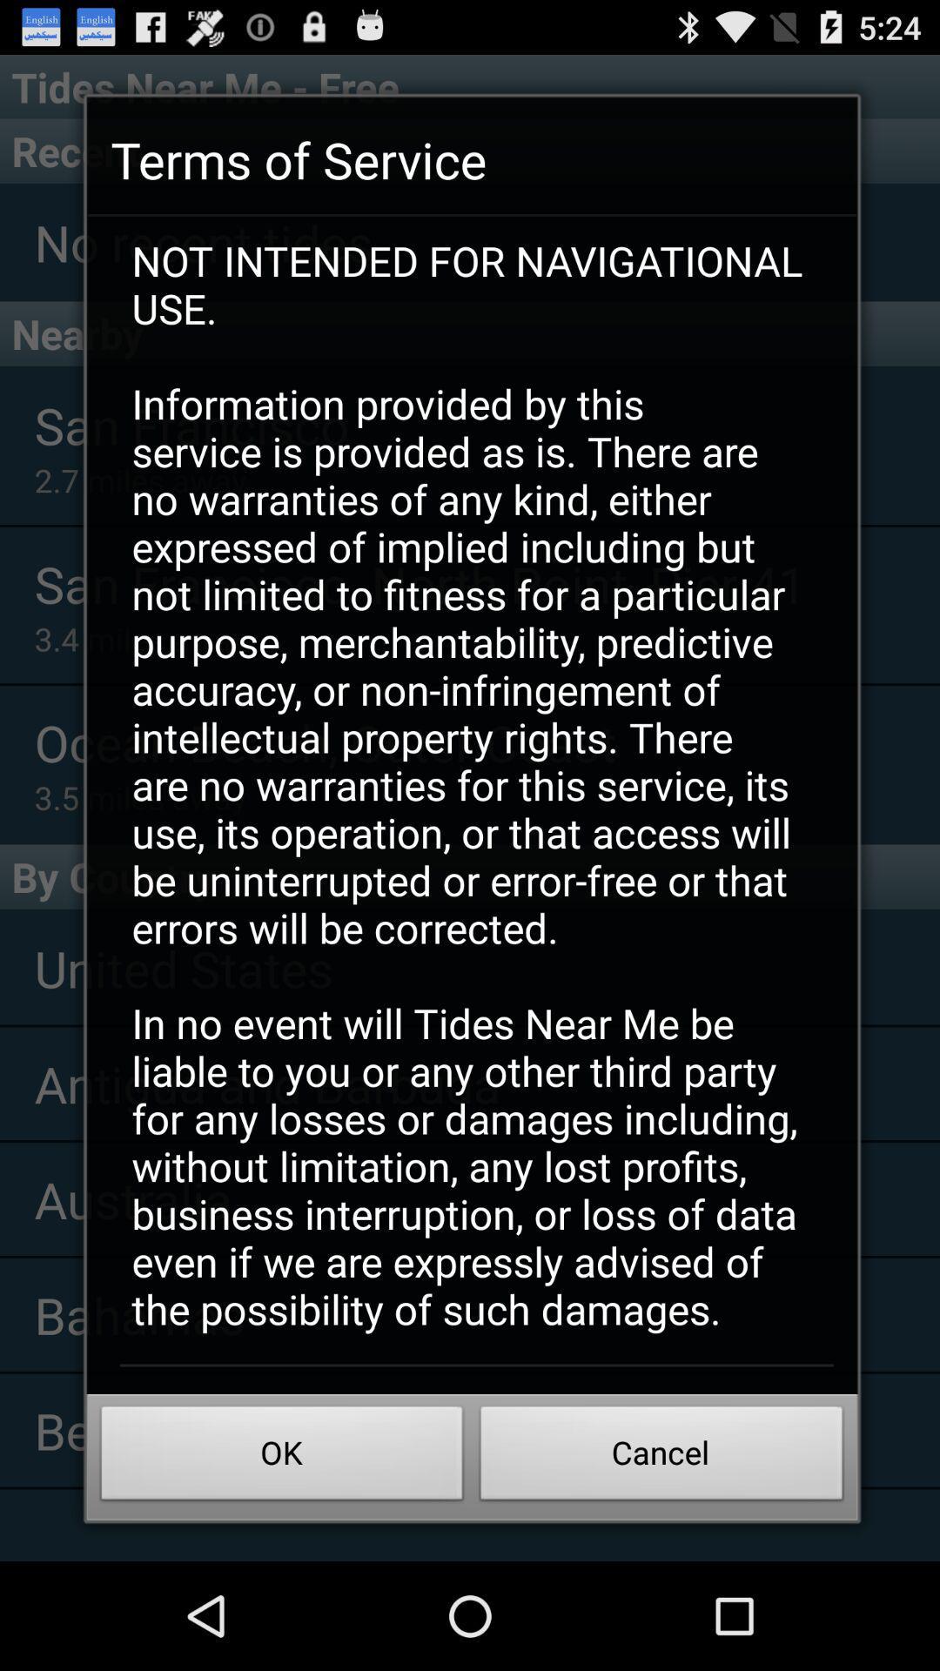 The image size is (940, 1671). What do you see at coordinates (281, 1458) in the screenshot?
I see `the icon below not intended for icon` at bounding box center [281, 1458].